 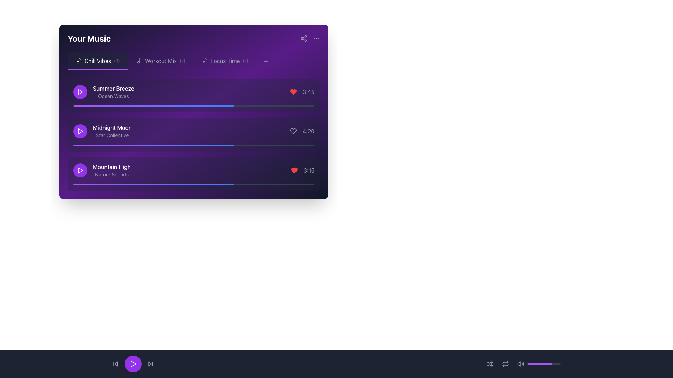 What do you see at coordinates (290, 106) in the screenshot?
I see `progress` at bounding box center [290, 106].